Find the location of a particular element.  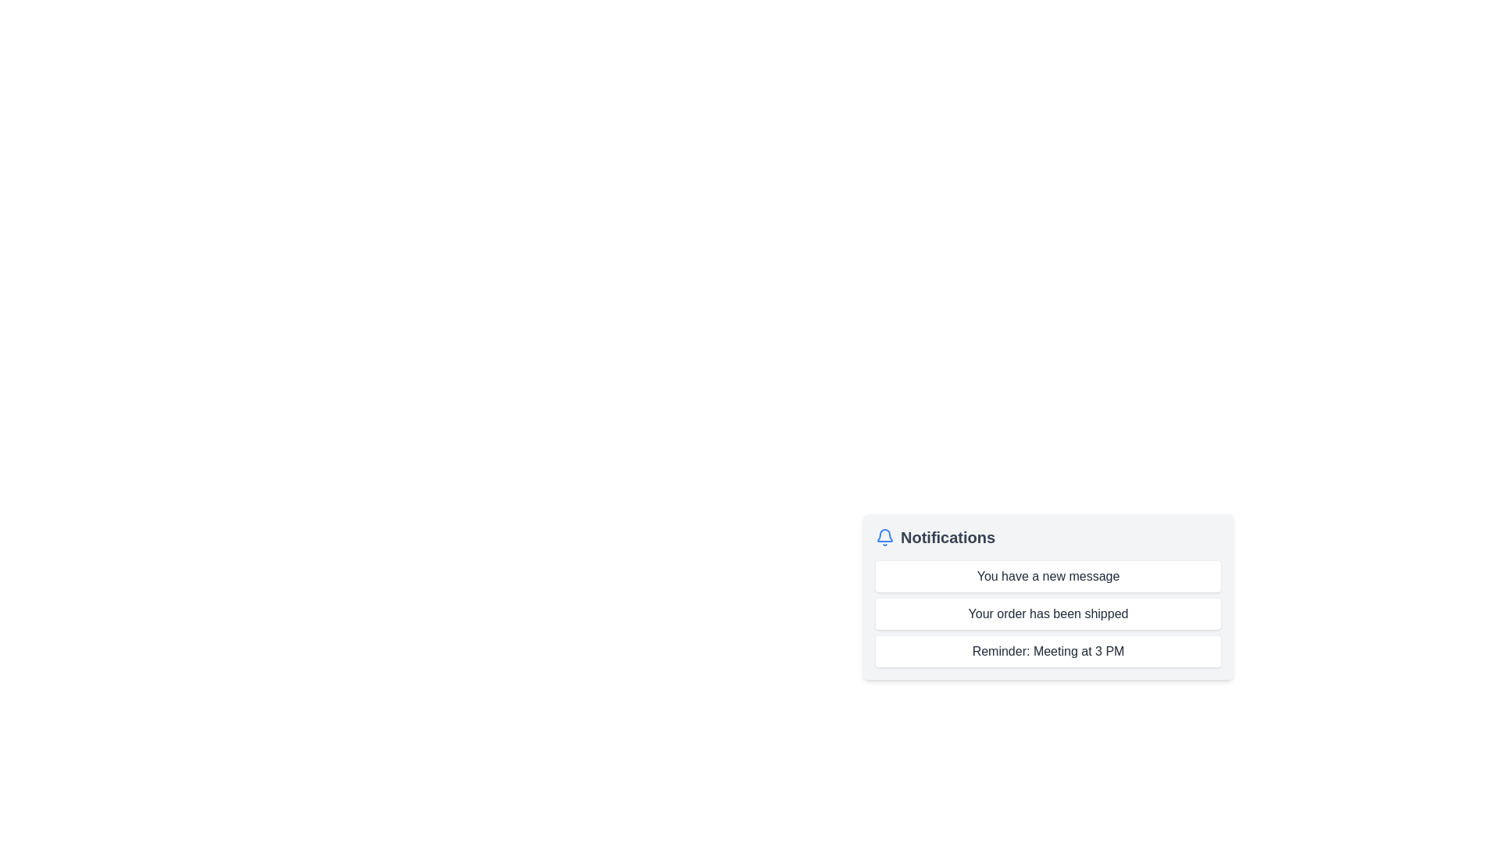

the blue bell icon located to the left of the 'Notifications' text in the top-center area of the notification panel is located at coordinates (884, 536).